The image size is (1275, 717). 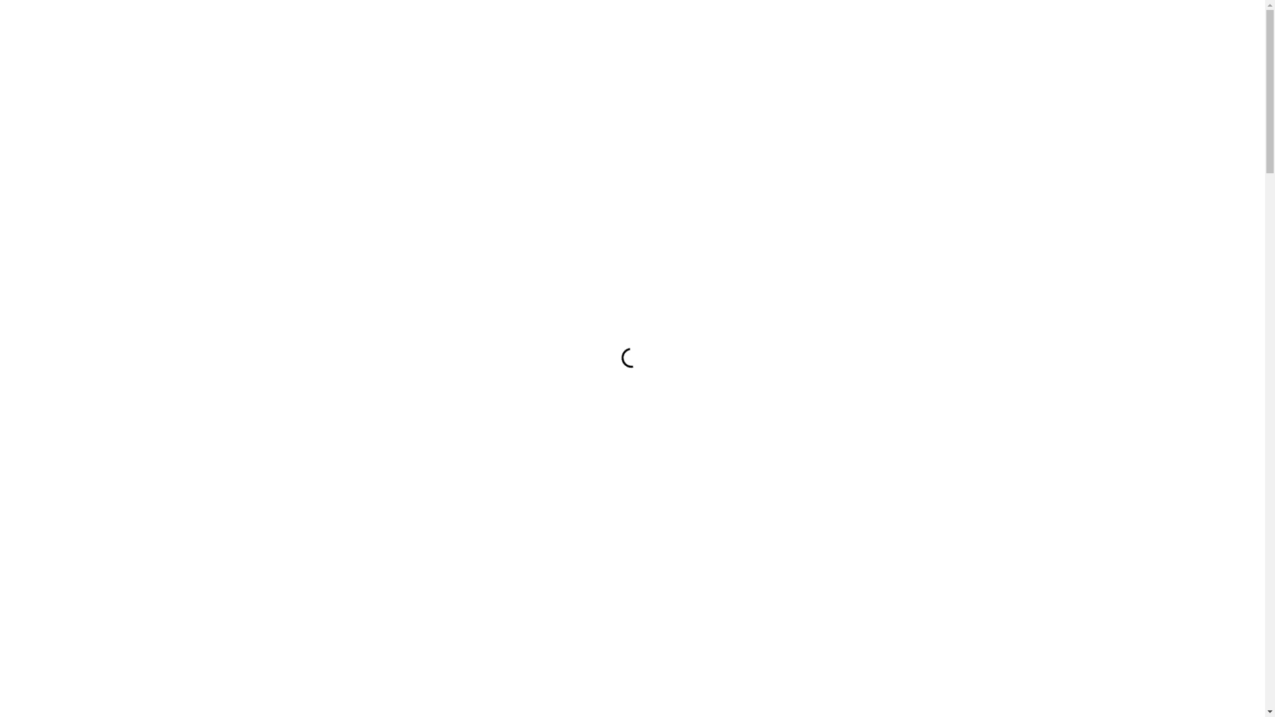 I want to click on 'Jetzt abonnieren', so click(x=875, y=507).